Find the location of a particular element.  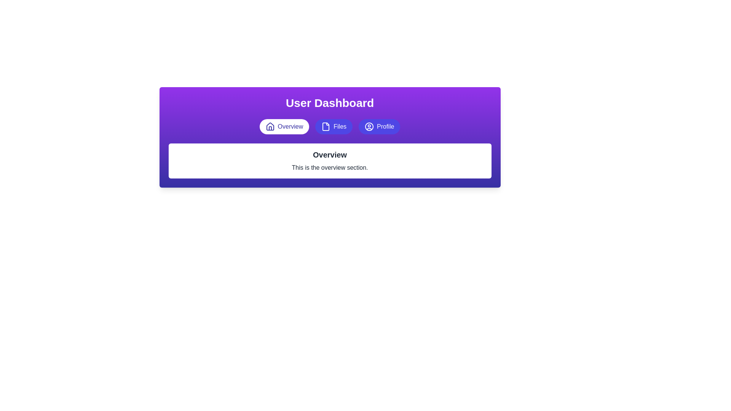

the small SVG icon shaped like a graphical file representation located to the left of the text label 'Files' in the navigation bar is located at coordinates (326, 126).